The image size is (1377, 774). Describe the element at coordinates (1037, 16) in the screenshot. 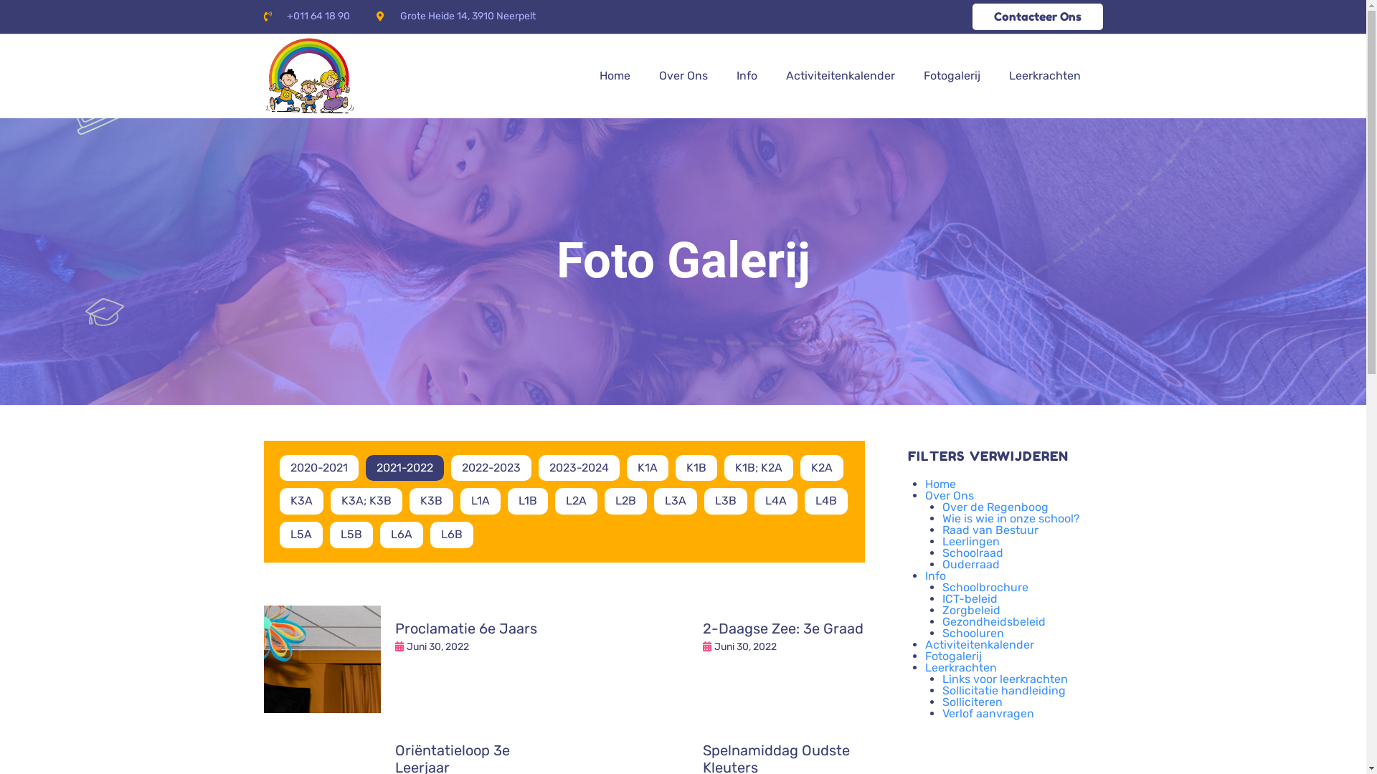

I see `'Contacteer Ons'` at that location.